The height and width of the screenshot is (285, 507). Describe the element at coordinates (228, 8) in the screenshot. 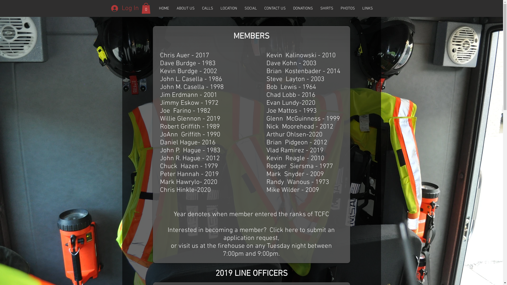

I see `'LOCATION'` at that location.